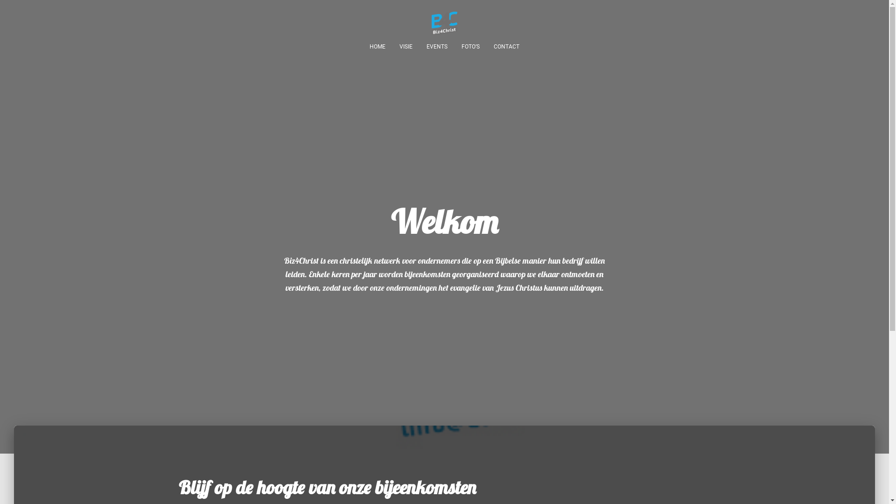 Image resolution: width=896 pixels, height=504 pixels. What do you see at coordinates (378, 47) in the screenshot?
I see `'HOME'` at bounding box center [378, 47].